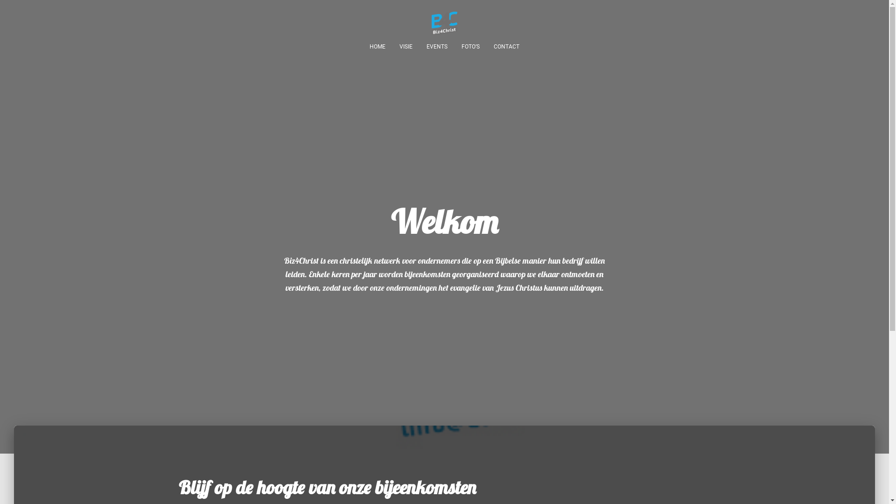 Image resolution: width=896 pixels, height=504 pixels. What do you see at coordinates (378, 47) in the screenshot?
I see `'HOME'` at bounding box center [378, 47].